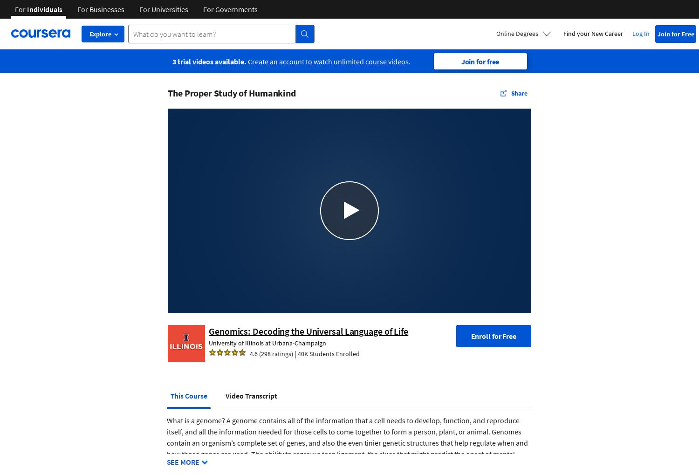 Image resolution: width=699 pixels, height=475 pixels. What do you see at coordinates (493, 336) in the screenshot?
I see `'Enroll for Free'` at bounding box center [493, 336].